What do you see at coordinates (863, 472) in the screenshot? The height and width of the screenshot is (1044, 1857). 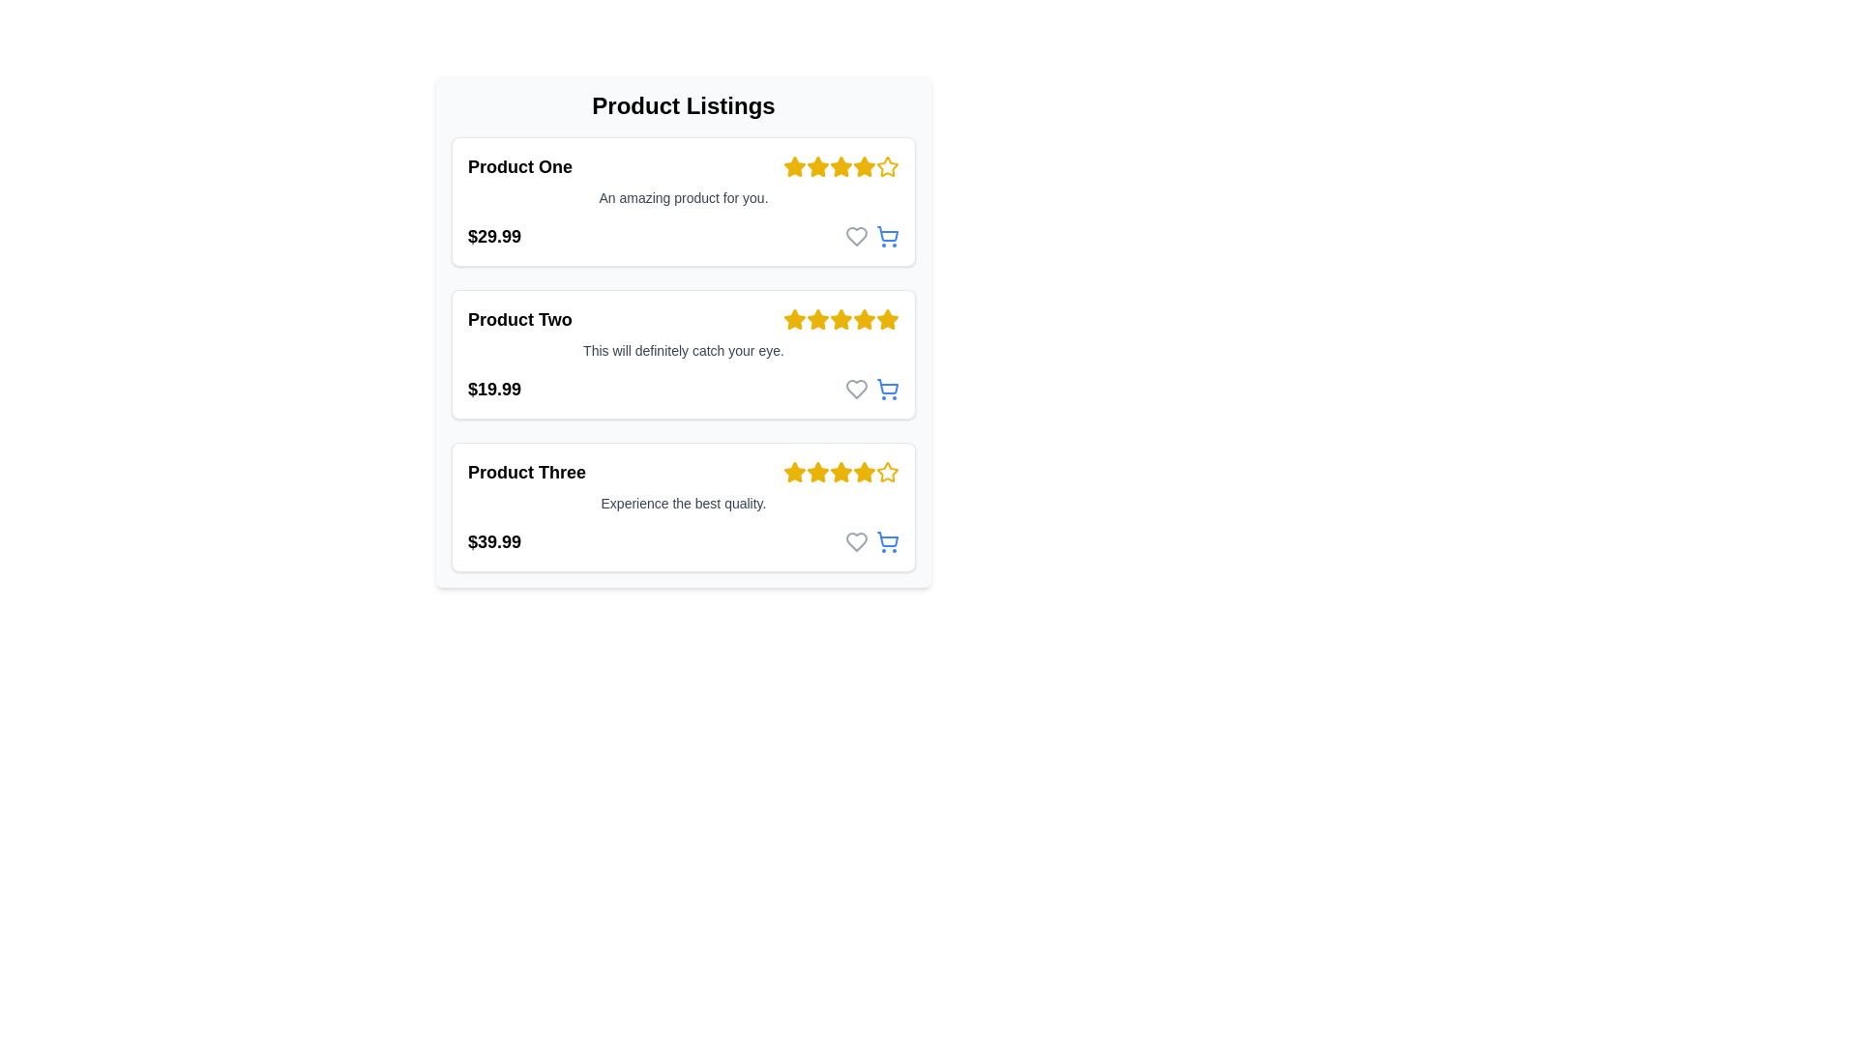 I see `across the star-shaped icon` at bounding box center [863, 472].